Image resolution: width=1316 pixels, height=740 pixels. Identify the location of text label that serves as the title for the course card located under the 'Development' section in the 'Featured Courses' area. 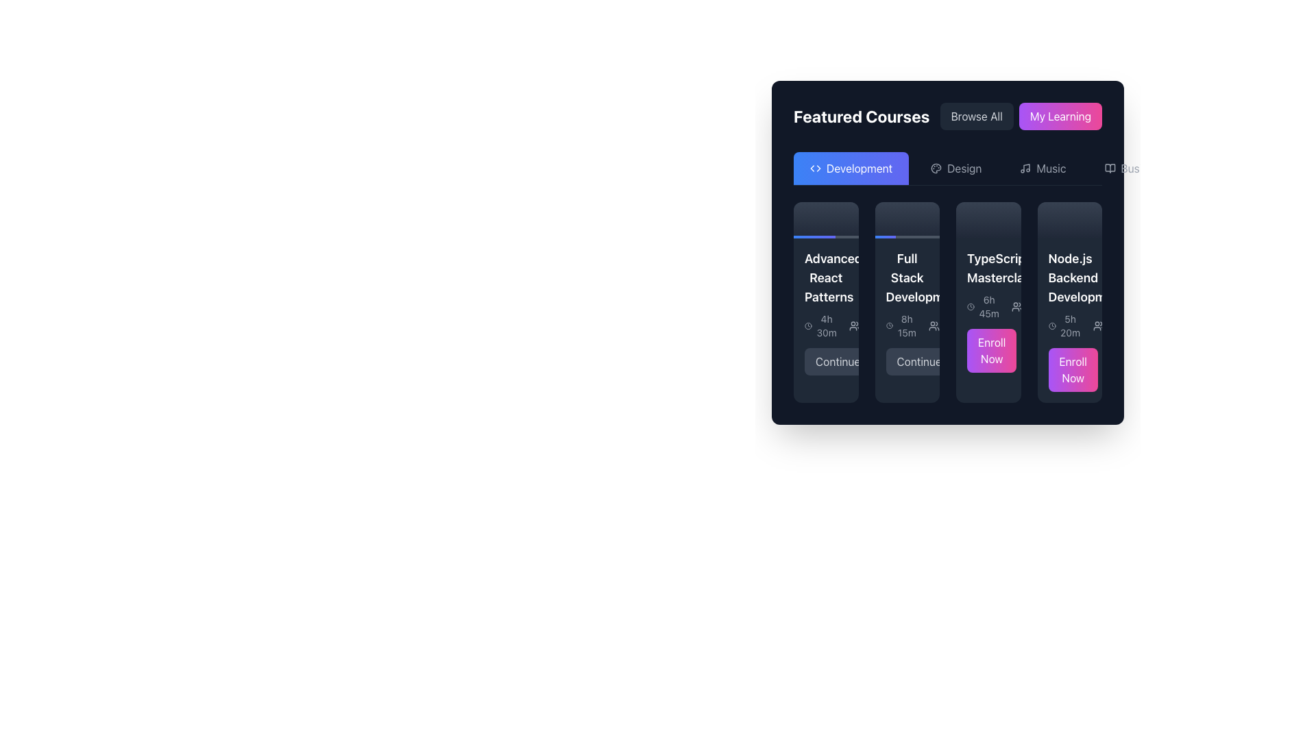
(988, 269).